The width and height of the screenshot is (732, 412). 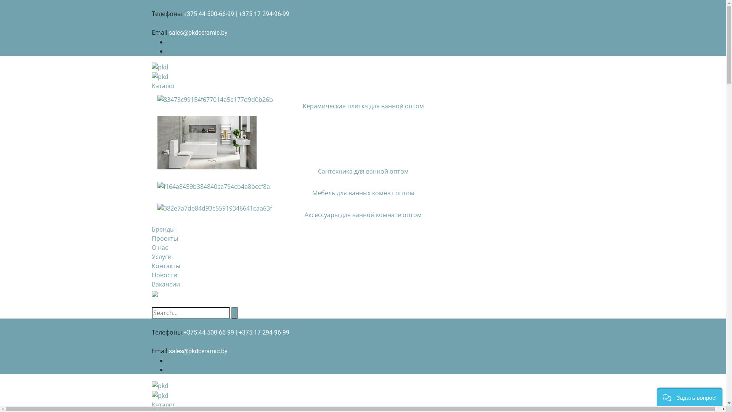 I want to click on '+375 44 500-66-99', so click(x=208, y=14).